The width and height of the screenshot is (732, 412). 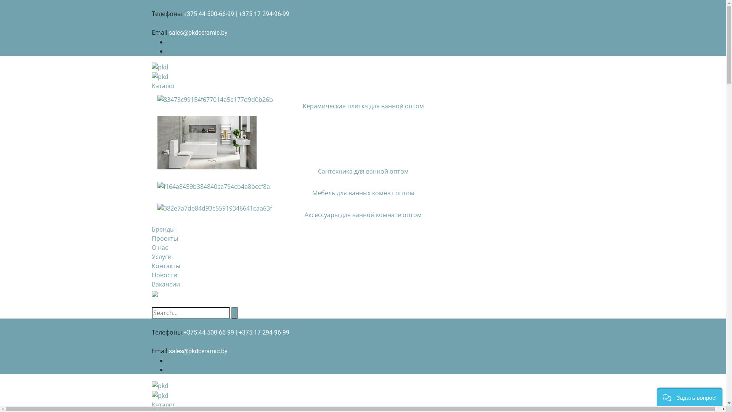 I want to click on '+375 44 500-66-99', so click(x=208, y=14).